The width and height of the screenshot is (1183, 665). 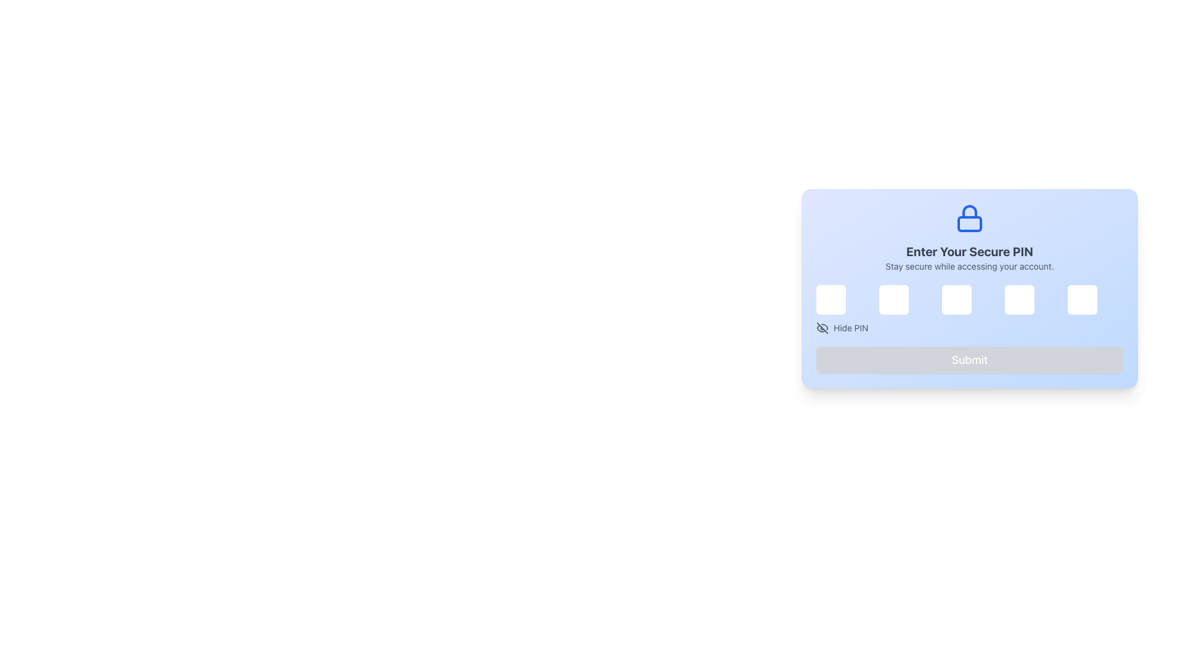 What do you see at coordinates (969, 217) in the screenshot?
I see `the security icon located above the 'Enter Your Secure PIN' text` at bounding box center [969, 217].